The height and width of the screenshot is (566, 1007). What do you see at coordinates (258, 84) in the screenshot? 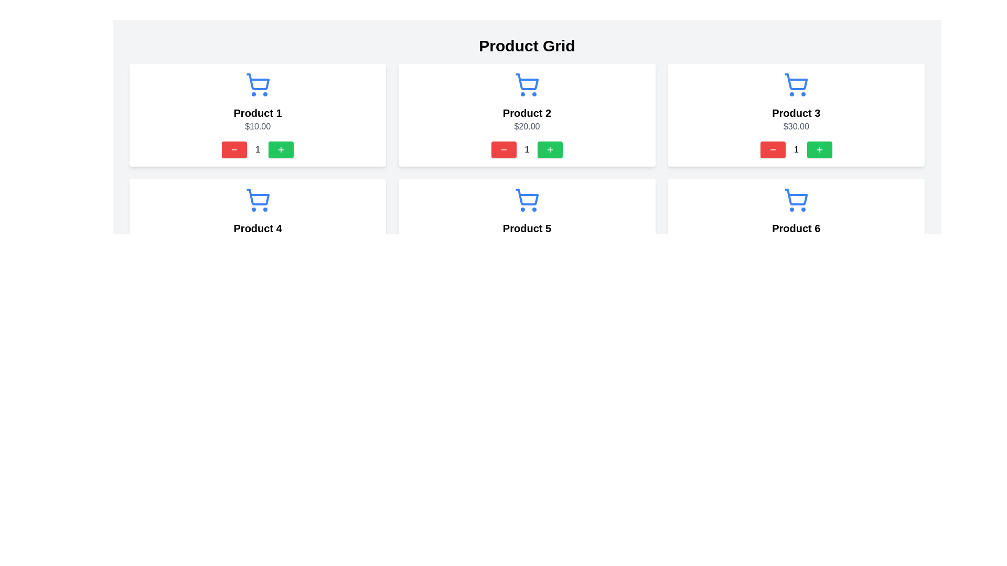
I see `the shopping cart icon located at the top of the card for 'Product 1', which is centered horizontally above the text components 'Product 1' and '$10.00'` at bounding box center [258, 84].